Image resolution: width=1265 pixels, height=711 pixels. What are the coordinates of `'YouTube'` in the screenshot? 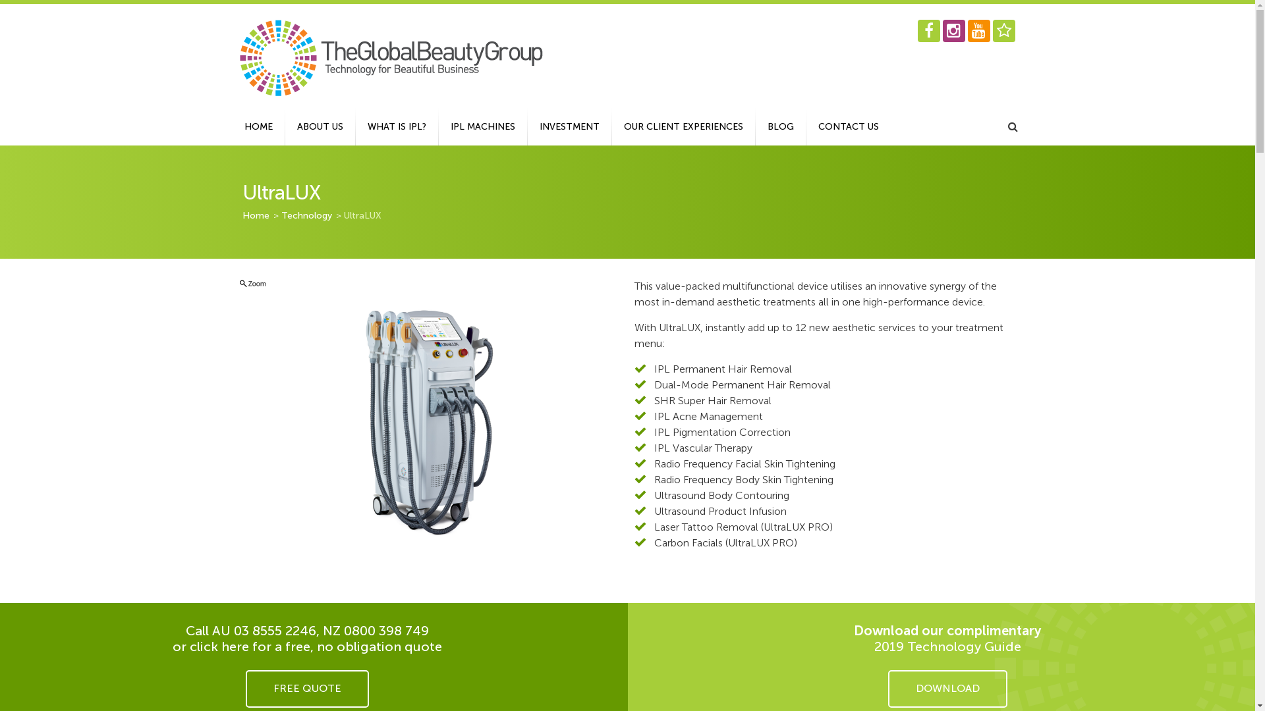 It's located at (978, 30).